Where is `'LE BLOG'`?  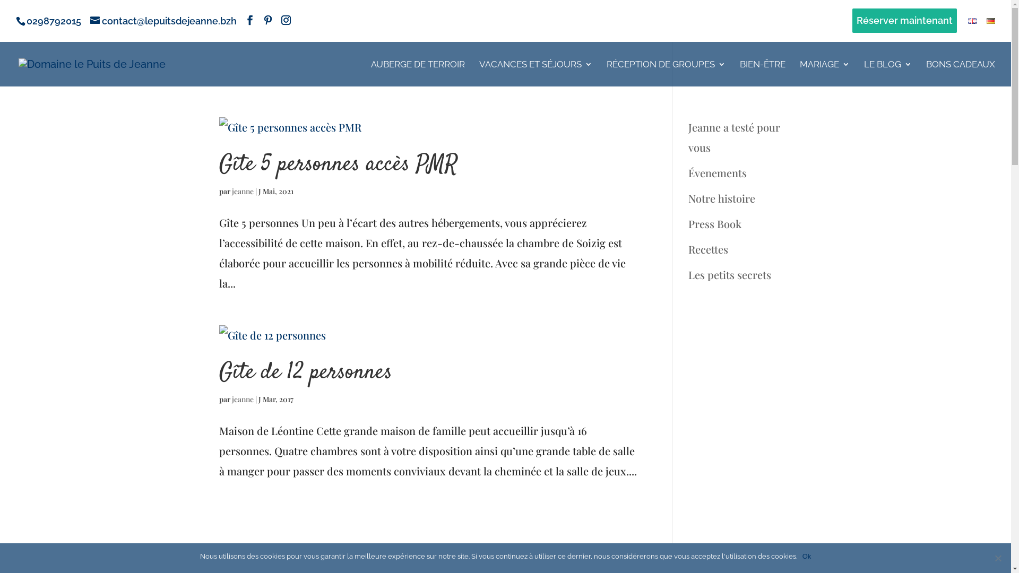 'LE BLOG' is located at coordinates (888, 73).